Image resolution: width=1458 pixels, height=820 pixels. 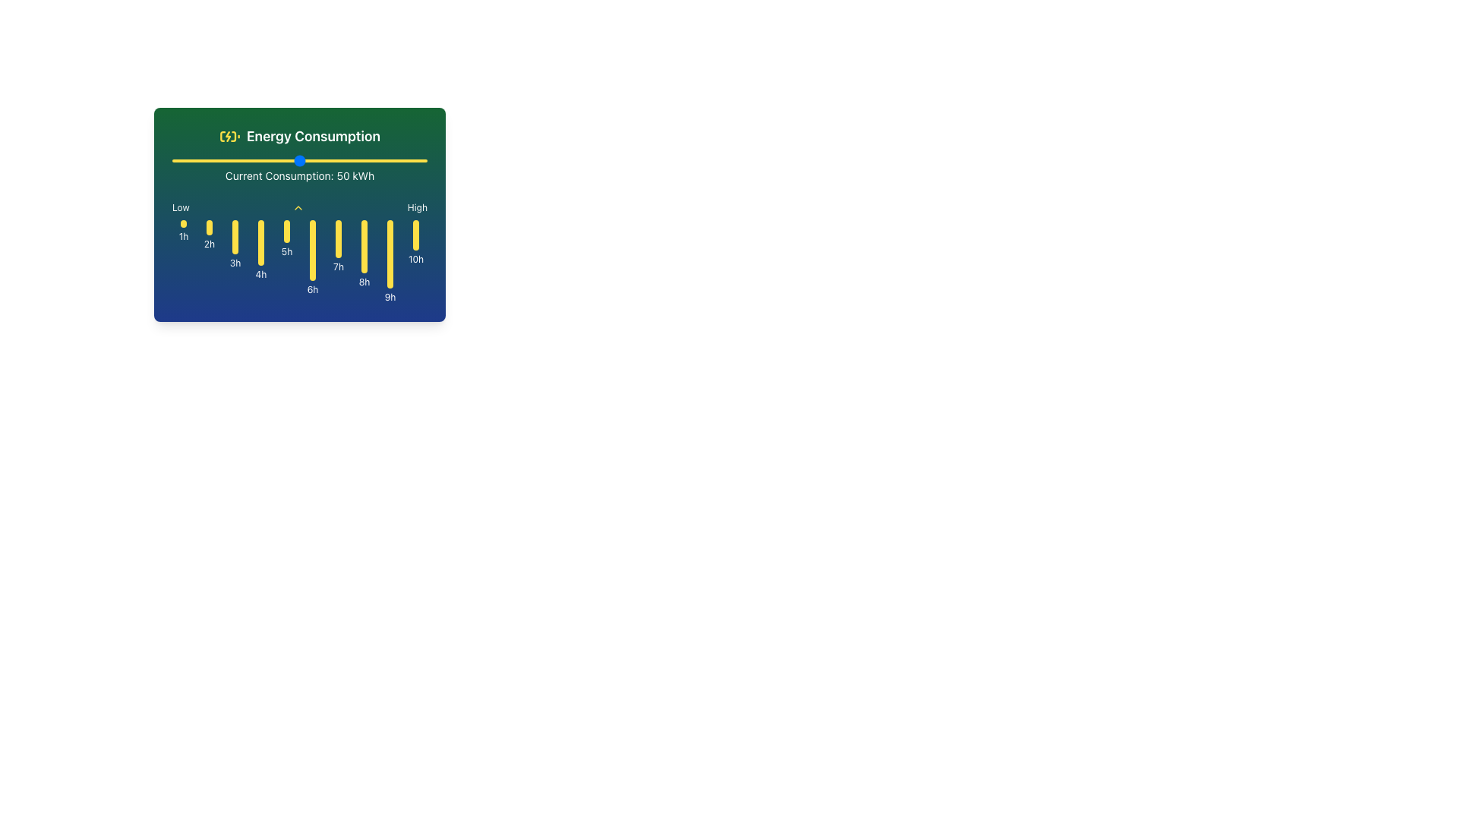 What do you see at coordinates (181, 207) in the screenshot?
I see `the 'Low' text label which indicates the low end of a scale, positioned to the far left of an upward arrow icon` at bounding box center [181, 207].